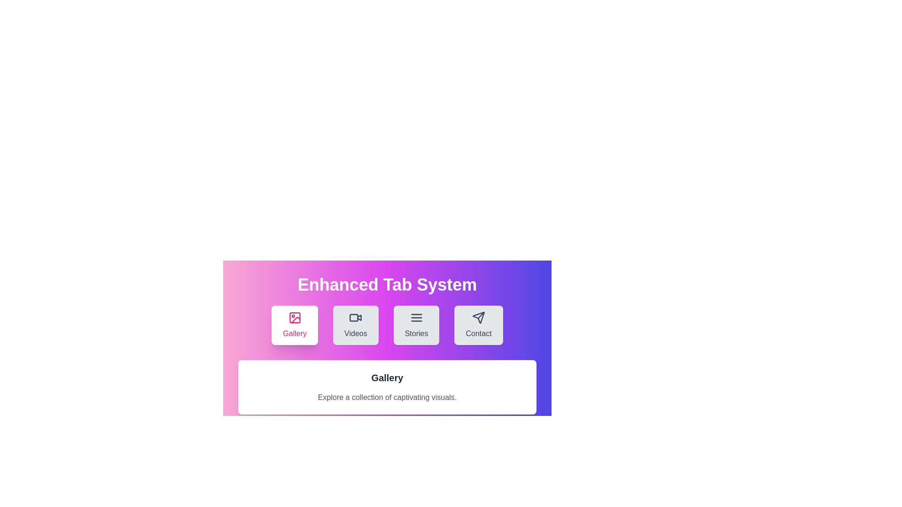 Image resolution: width=902 pixels, height=507 pixels. I want to click on the Videos tab by clicking its button, so click(355, 325).